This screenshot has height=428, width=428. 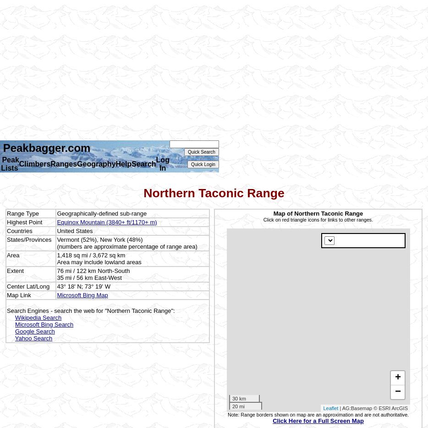 What do you see at coordinates (99, 261) in the screenshot?
I see `'Area may include lowland areas'` at bounding box center [99, 261].